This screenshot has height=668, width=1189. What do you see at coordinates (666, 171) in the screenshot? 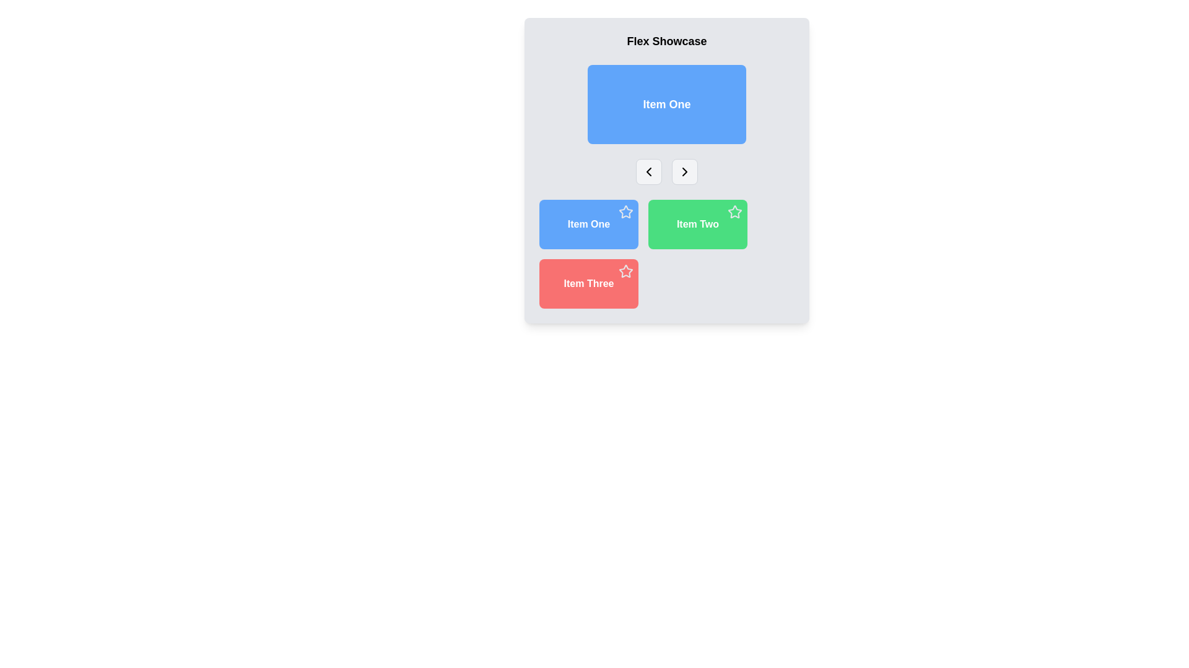
I see `information presented in the Card containing grouped elements, which includes a large blue box labeled 'Item One' and three smaller colored boxes labeled 'Item One', 'Item Two', and 'Item Three'` at bounding box center [666, 171].